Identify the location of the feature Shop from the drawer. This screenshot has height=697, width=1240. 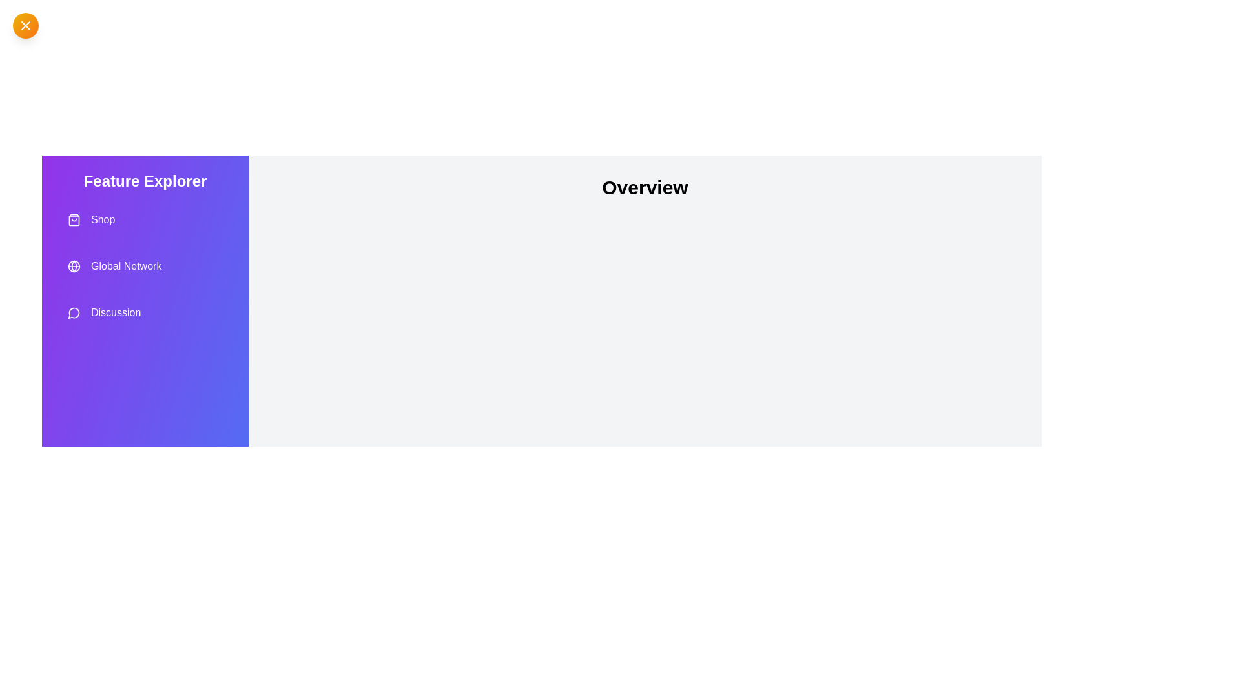
(145, 219).